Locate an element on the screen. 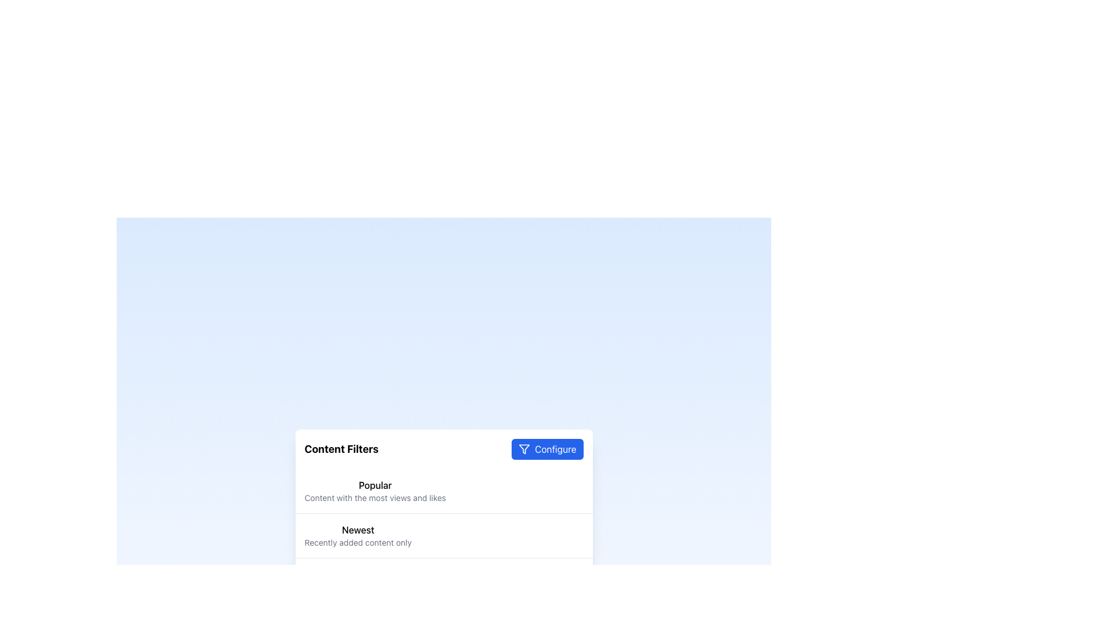 The width and height of the screenshot is (1115, 627). the small, outlined blue filter icon within the 'Configure' button located in the upper-right corner of the 'Content Filters' card is located at coordinates (524, 449).